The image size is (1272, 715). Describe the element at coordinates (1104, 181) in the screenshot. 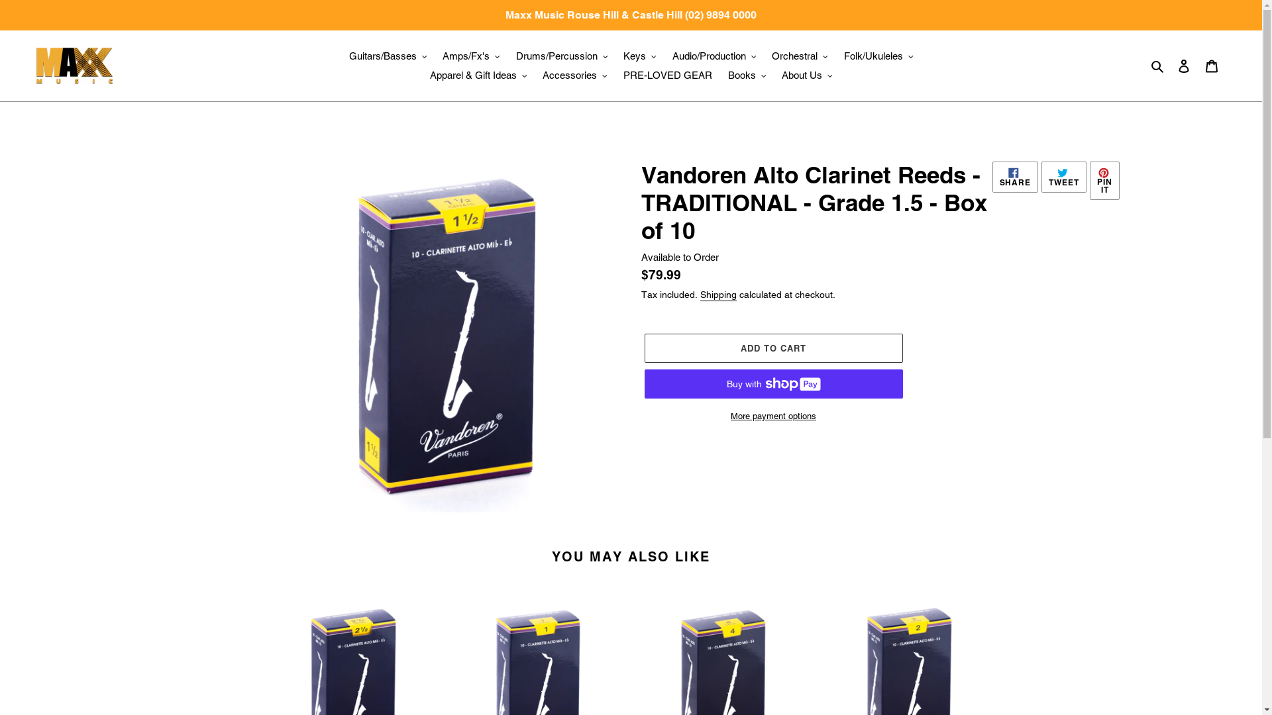

I see `'PIN IT` at that location.